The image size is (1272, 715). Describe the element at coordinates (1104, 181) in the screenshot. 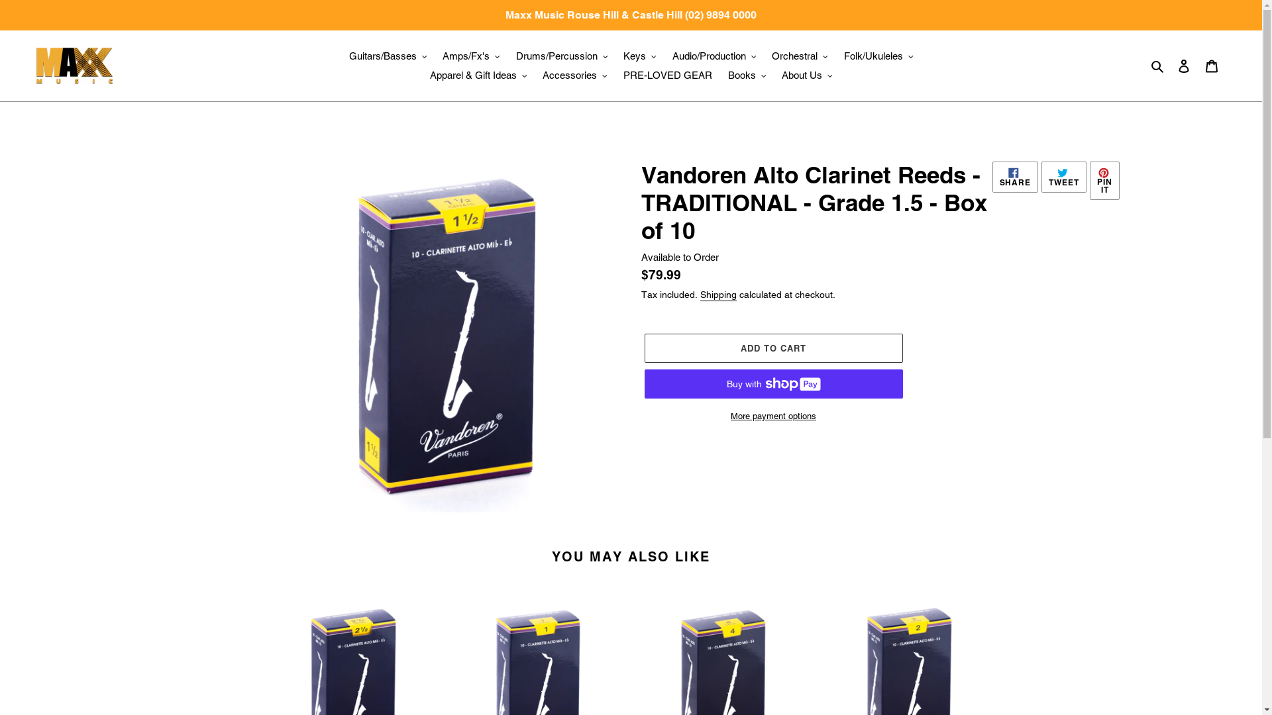

I see `'PIN IT` at that location.